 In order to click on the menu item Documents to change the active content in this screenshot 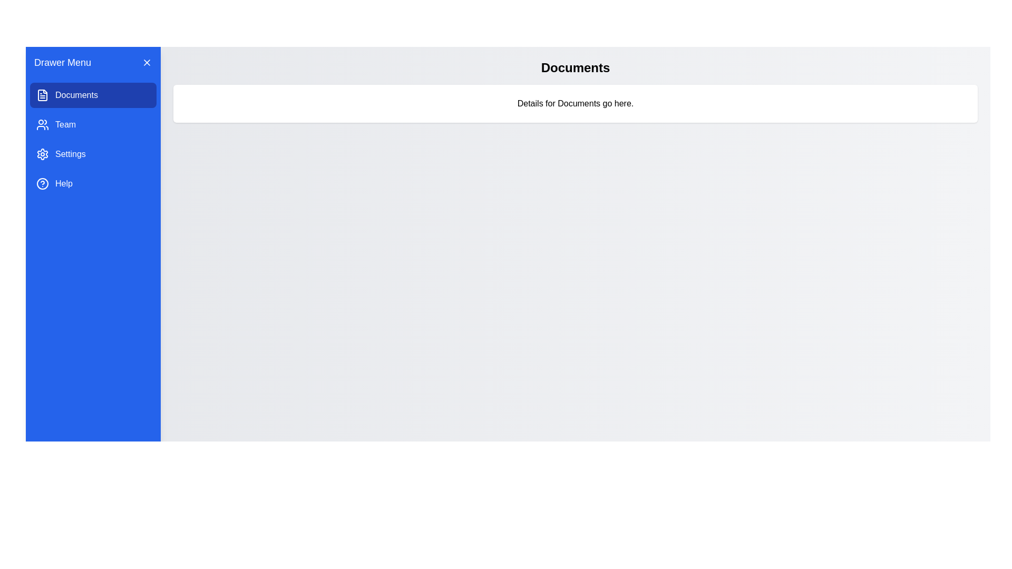, I will do `click(93, 95)`.